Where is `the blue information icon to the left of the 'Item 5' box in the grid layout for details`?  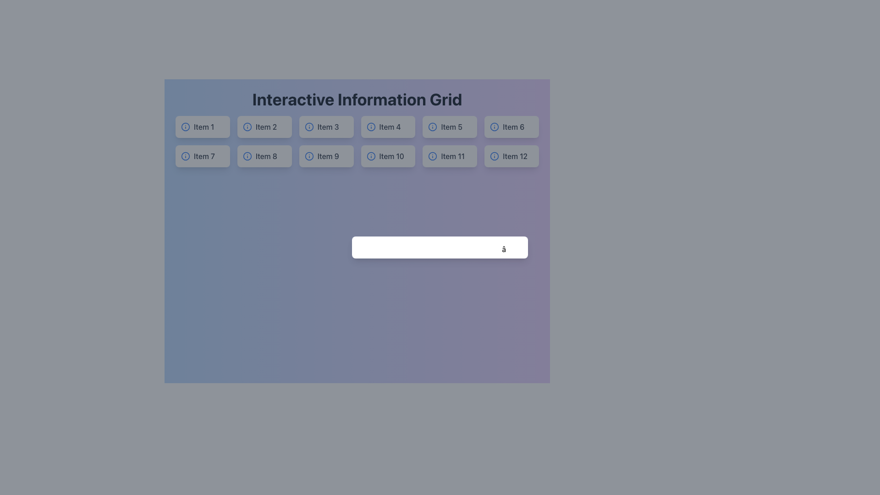 the blue information icon to the left of the 'Item 5' box in the grid layout for details is located at coordinates (450, 127).